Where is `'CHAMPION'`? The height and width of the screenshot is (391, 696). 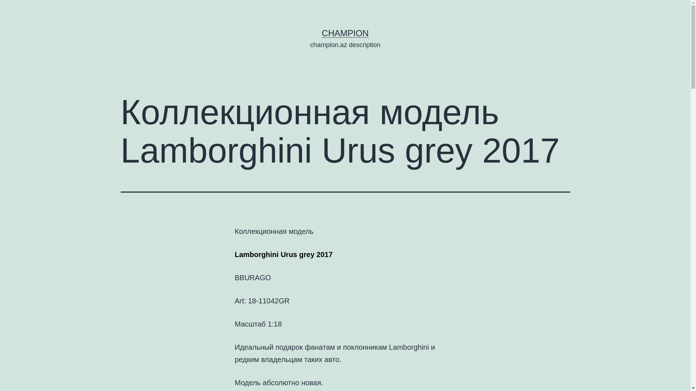
'CHAMPION' is located at coordinates (345, 33).